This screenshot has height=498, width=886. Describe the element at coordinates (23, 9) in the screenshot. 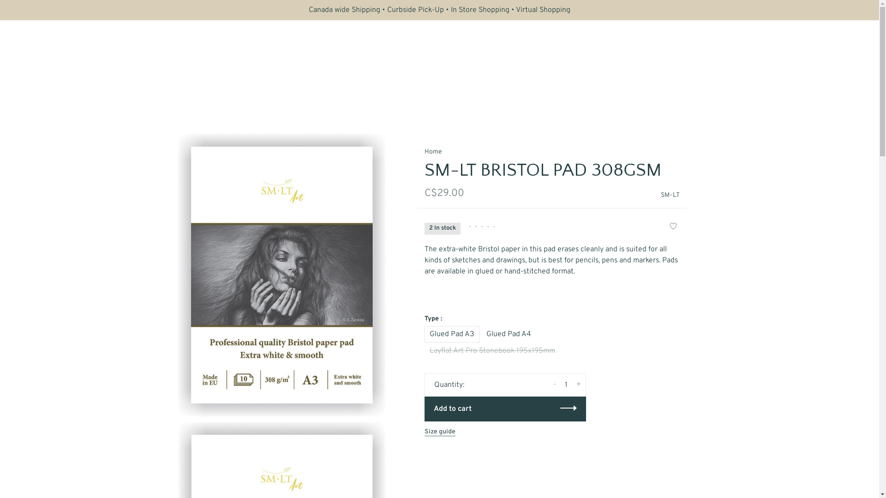

I see `'Subscribe'` at that location.